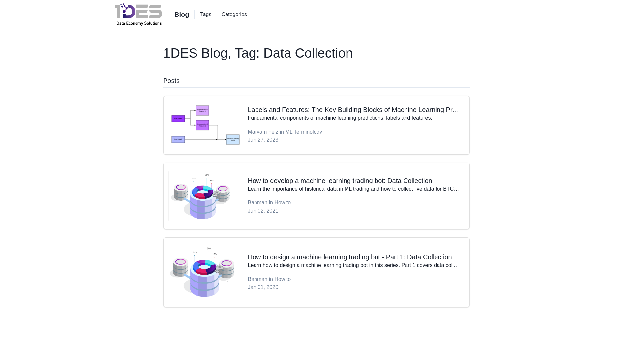  What do you see at coordinates (234, 14) in the screenshot?
I see `'Categories'` at bounding box center [234, 14].